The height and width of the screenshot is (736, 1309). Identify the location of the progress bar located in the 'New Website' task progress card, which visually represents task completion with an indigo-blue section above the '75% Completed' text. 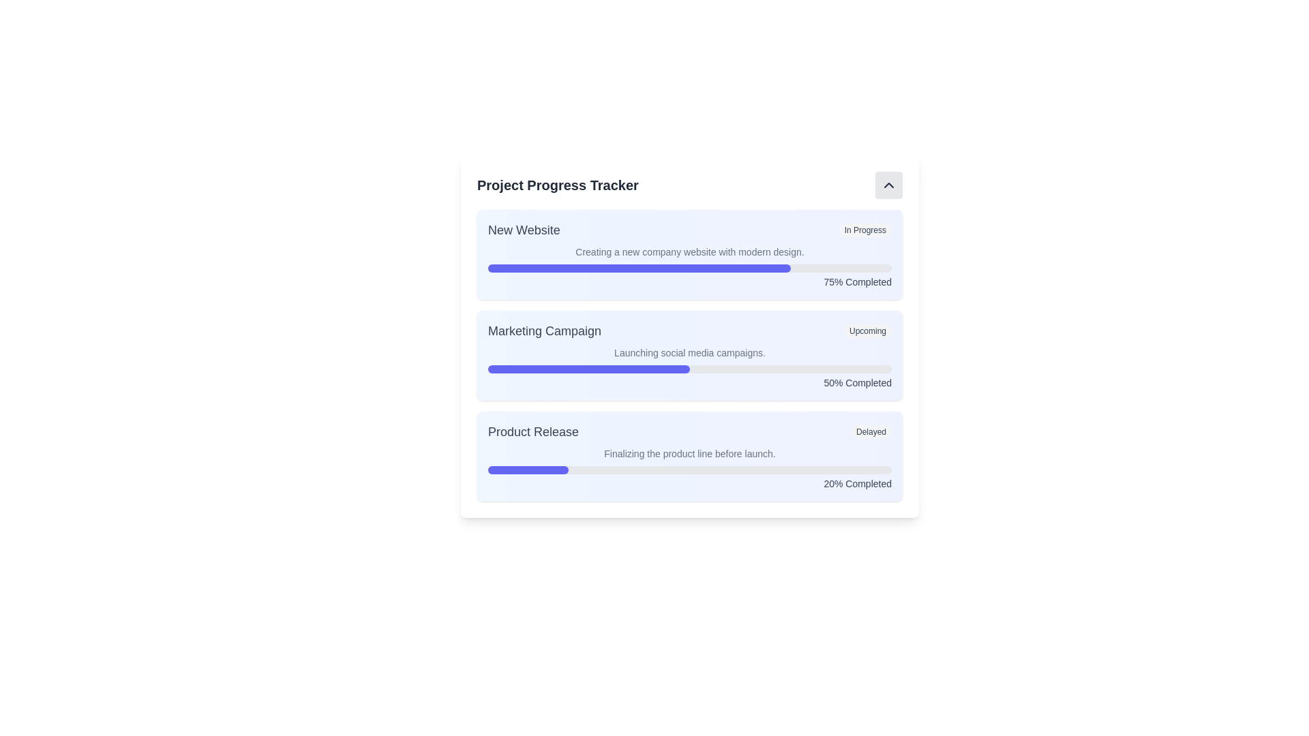
(638, 268).